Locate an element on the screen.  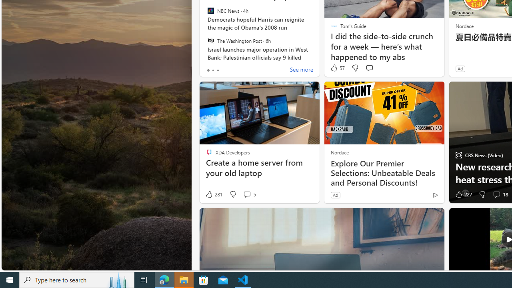
'NBC News' is located at coordinates (210, 11).